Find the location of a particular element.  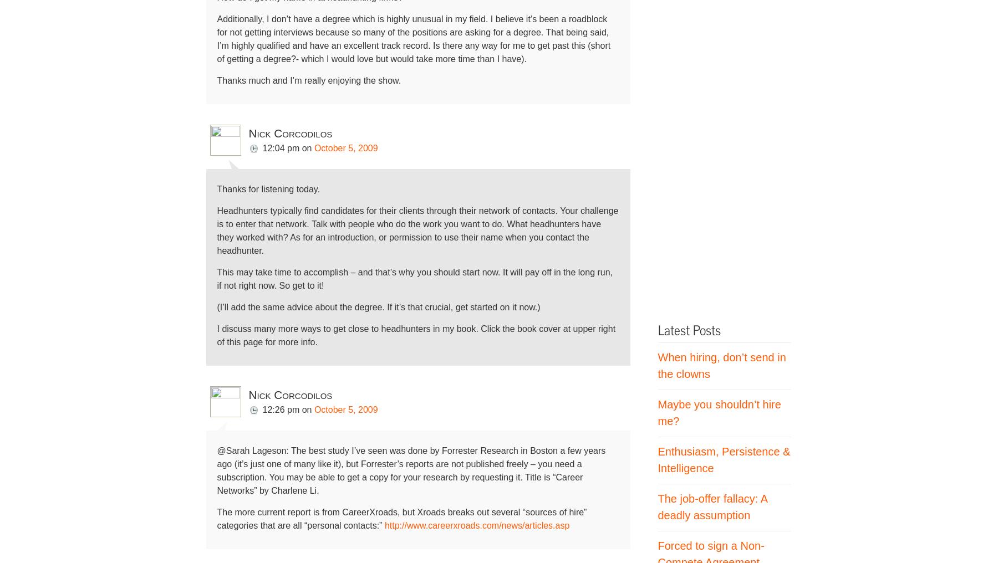

'12:04 pm' is located at coordinates (281, 147).